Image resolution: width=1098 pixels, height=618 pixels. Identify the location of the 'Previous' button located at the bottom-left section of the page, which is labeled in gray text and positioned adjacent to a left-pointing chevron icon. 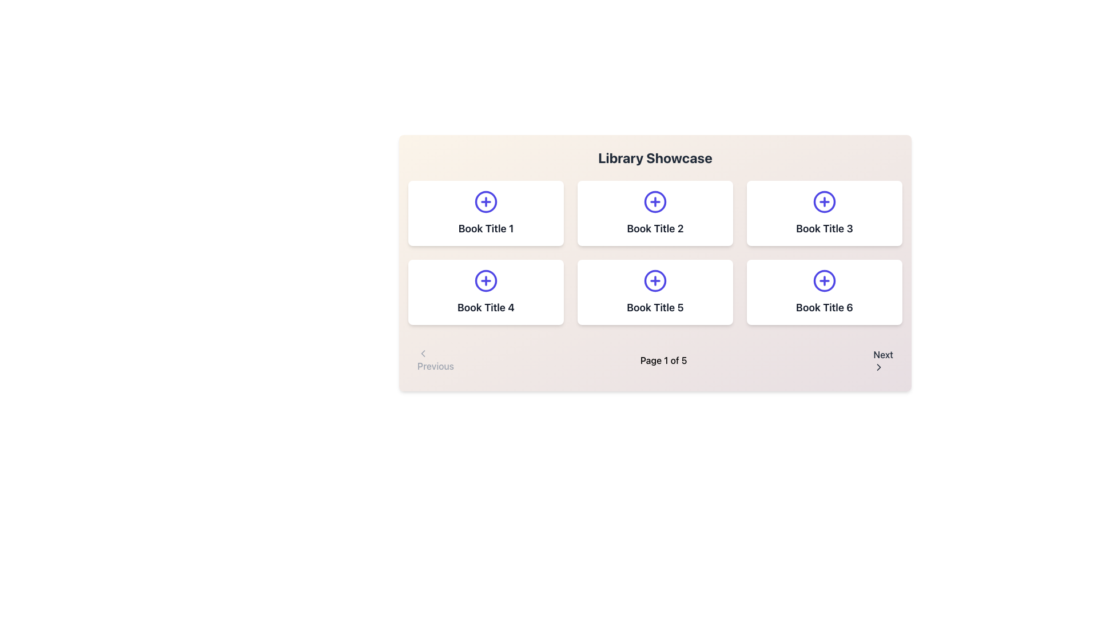
(435, 359).